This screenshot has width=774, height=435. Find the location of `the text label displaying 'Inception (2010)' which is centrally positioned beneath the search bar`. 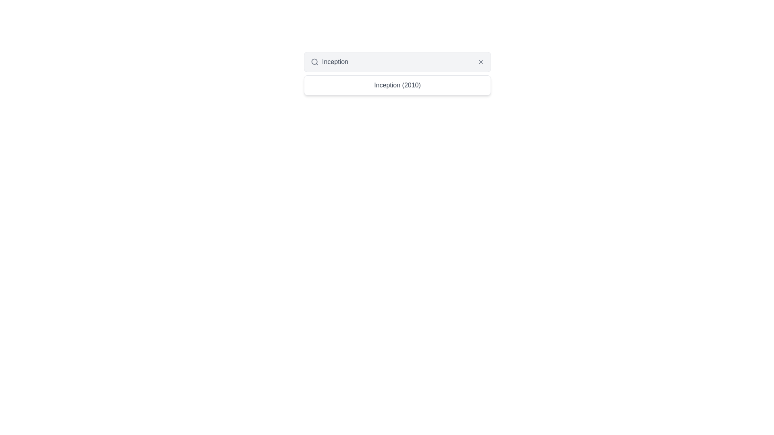

the text label displaying 'Inception (2010)' which is centrally positioned beneath the search bar is located at coordinates (397, 85).